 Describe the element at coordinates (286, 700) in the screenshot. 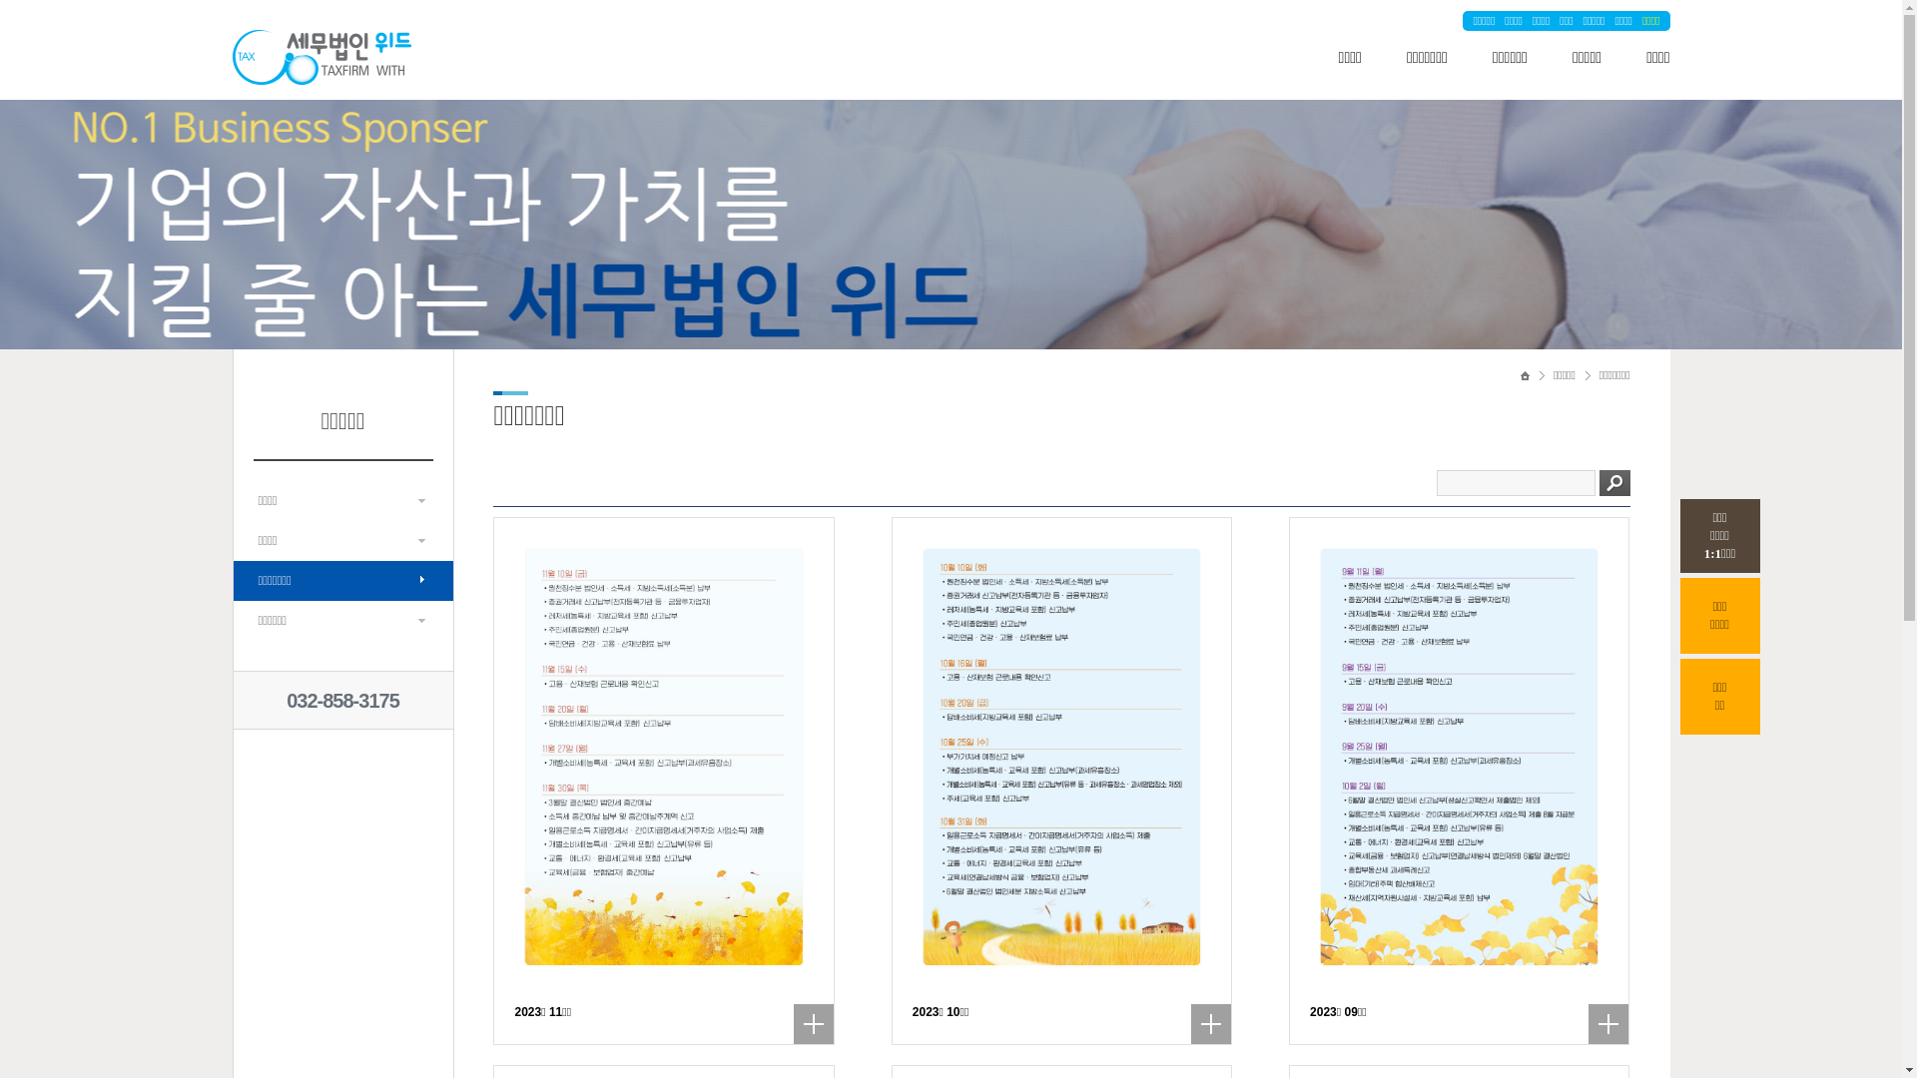

I see `'032-858-3175'` at that location.